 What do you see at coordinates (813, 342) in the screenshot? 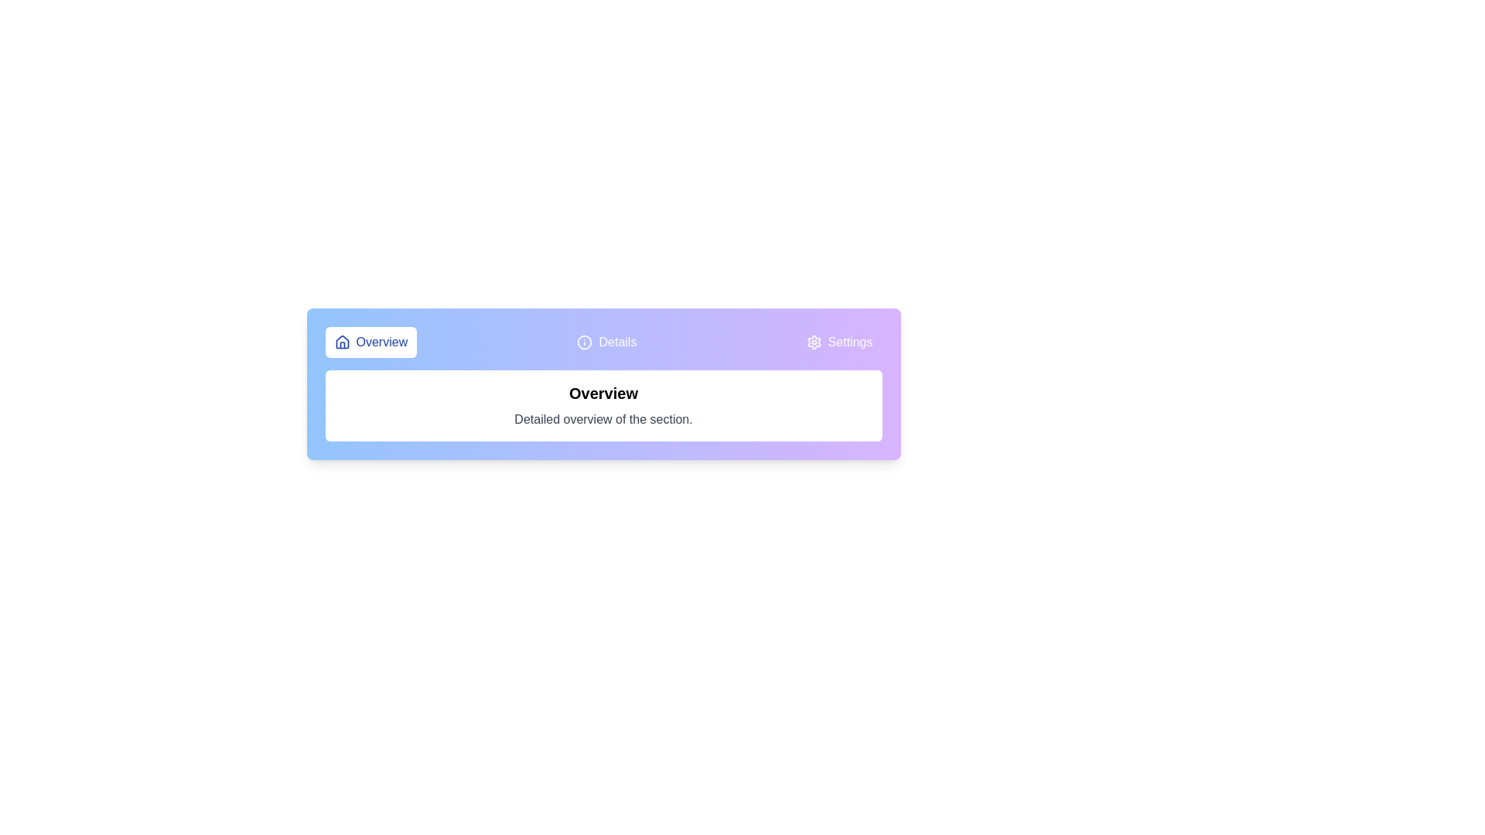
I see `the settings icon located in the top-right corner of the interface` at bounding box center [813, 342].